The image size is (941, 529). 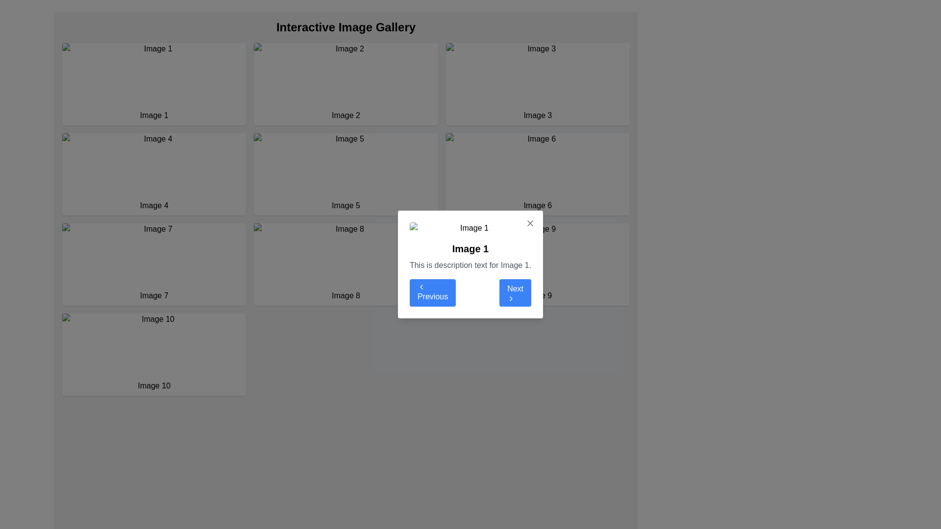 What do you see at coordinates (530, 223) in the screenshot?
I see `the Close button, which is a small gray 'X' icon located in the upper-right corner of the overlay card containing 'Image 1'` at bounding box center [530, 223].